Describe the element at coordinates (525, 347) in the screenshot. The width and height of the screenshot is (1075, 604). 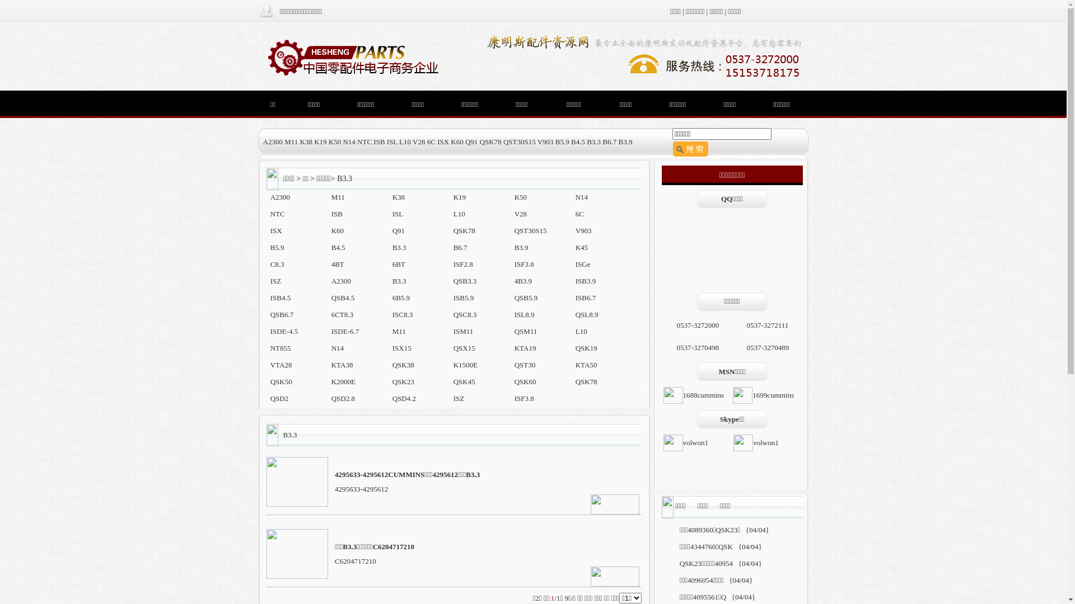
I see `'KTA19'` at that location.